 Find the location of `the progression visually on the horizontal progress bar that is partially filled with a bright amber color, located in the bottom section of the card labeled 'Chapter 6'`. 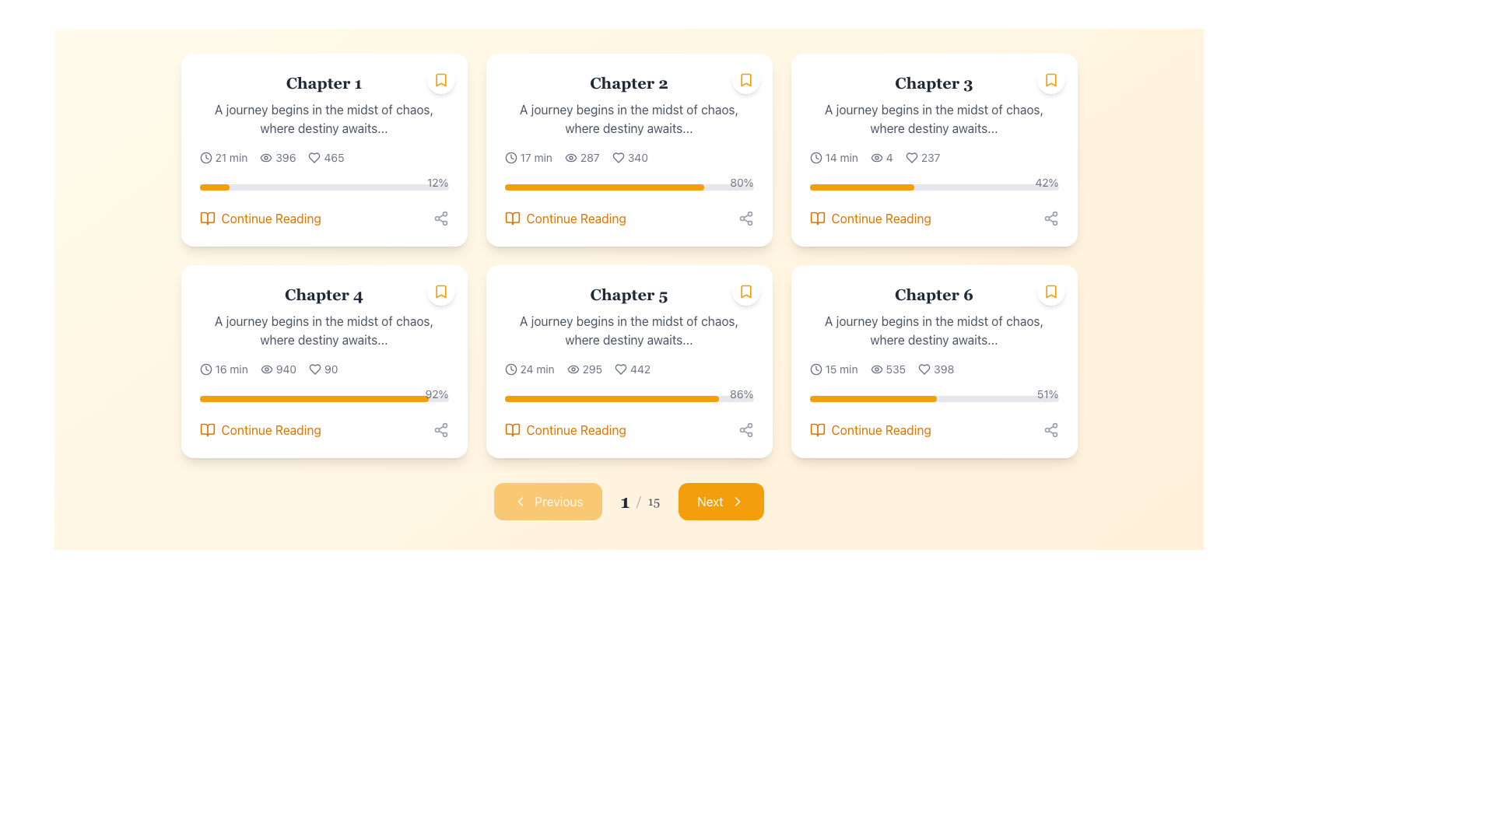

the progression visually on the horizontal progress bar that is partially filled with a bright amber color, located in the bottom section of the card labeled 'Chapter 6' is located at coordinates (873, 398).